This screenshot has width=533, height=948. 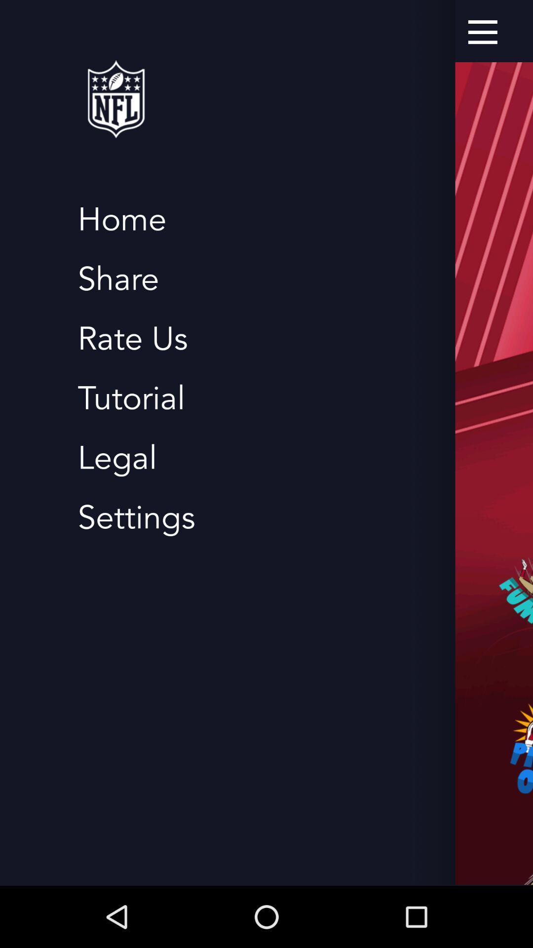 I want to click on icon above the settings item, so click(x=116, y=458).